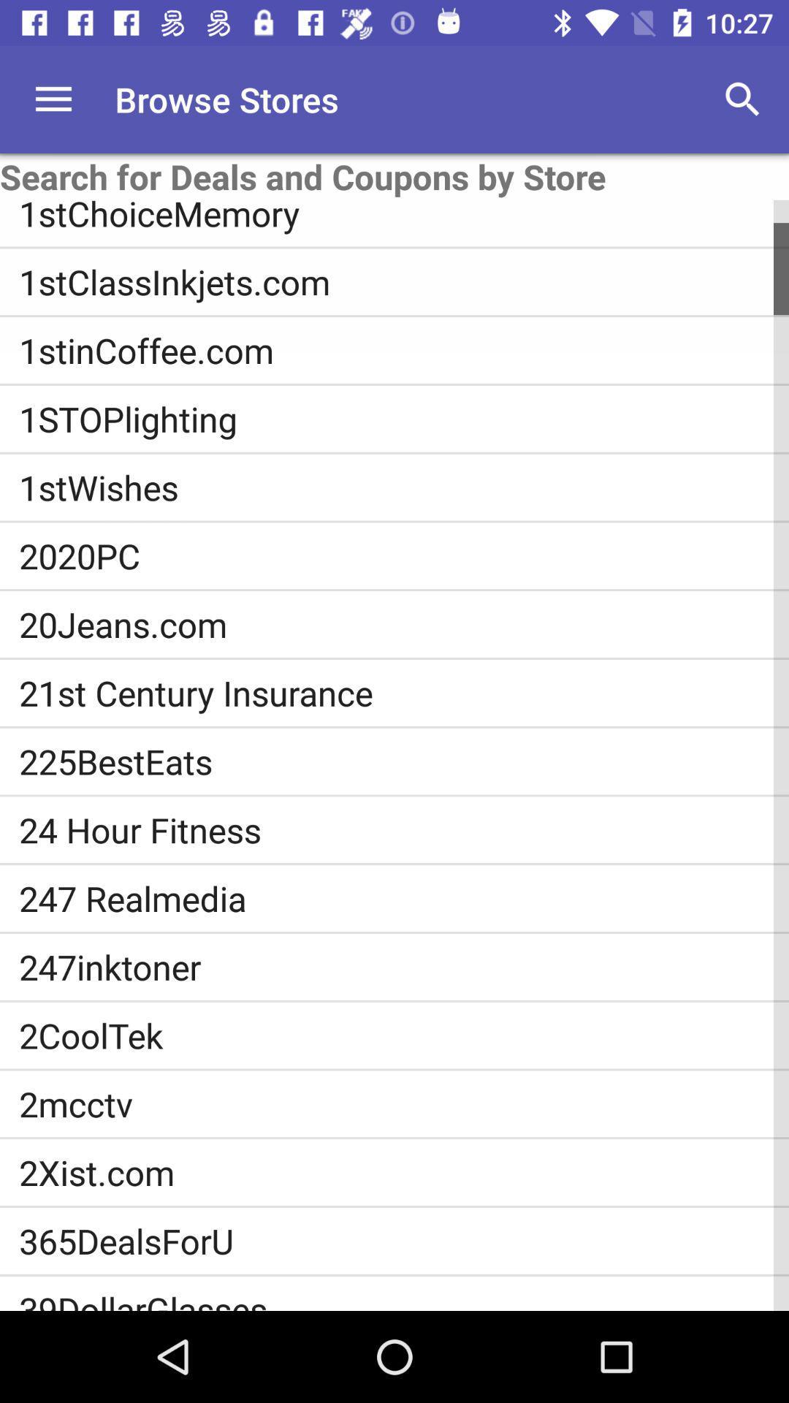 This screenshot has width=789, height=1403. I want to click on item above the 1stwishes item, so click(404, 418).